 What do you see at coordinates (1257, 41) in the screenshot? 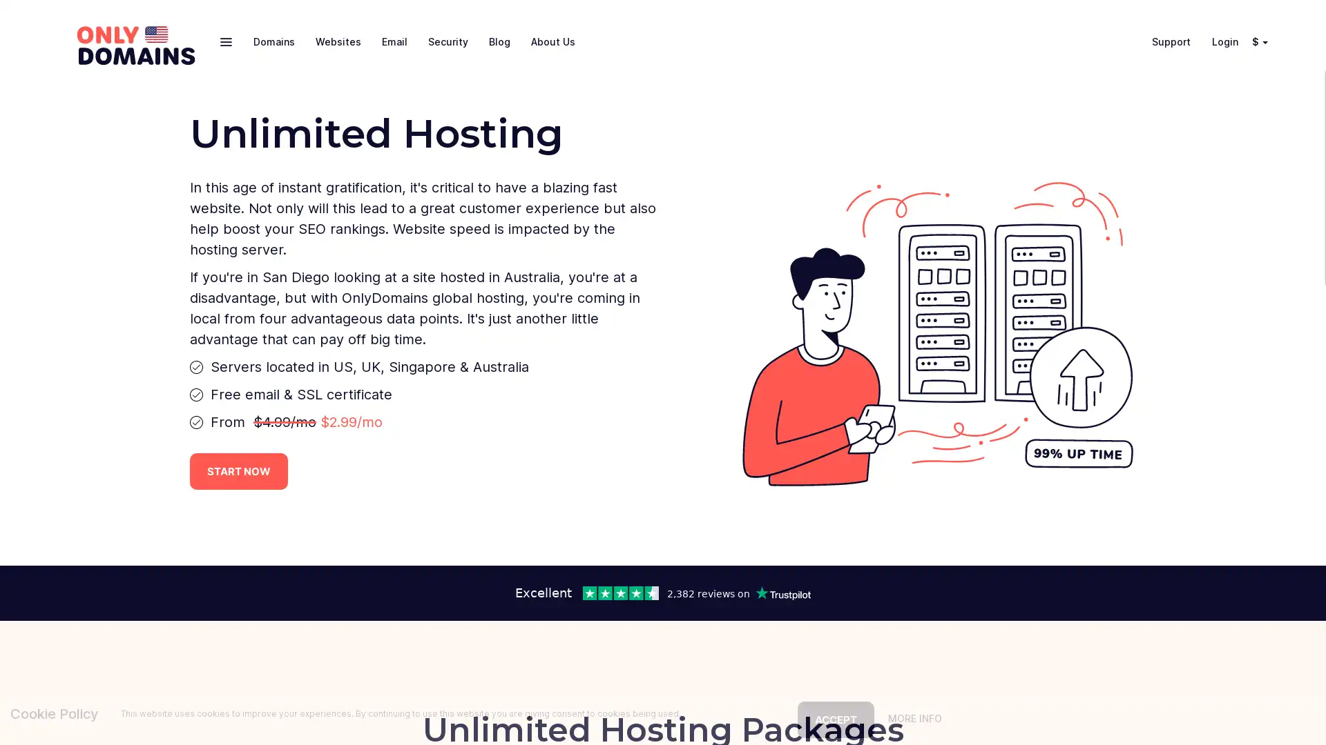
I see `$` at bounding box center [1257, 41].